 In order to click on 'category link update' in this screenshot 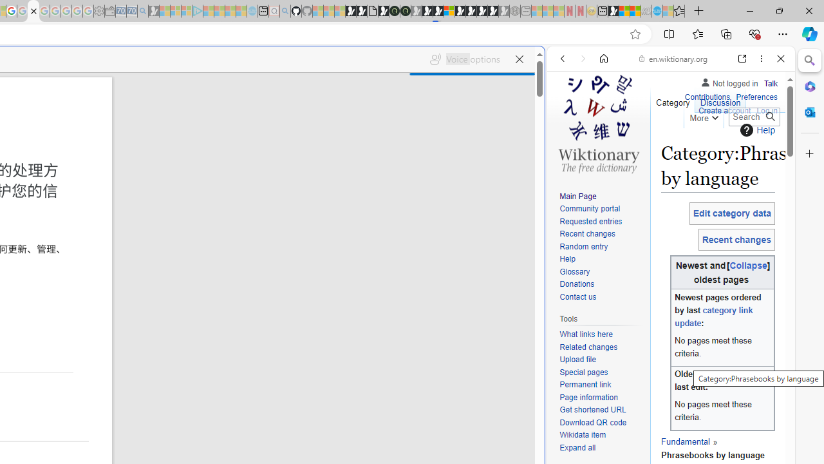, I will do `click(713, 317)`.